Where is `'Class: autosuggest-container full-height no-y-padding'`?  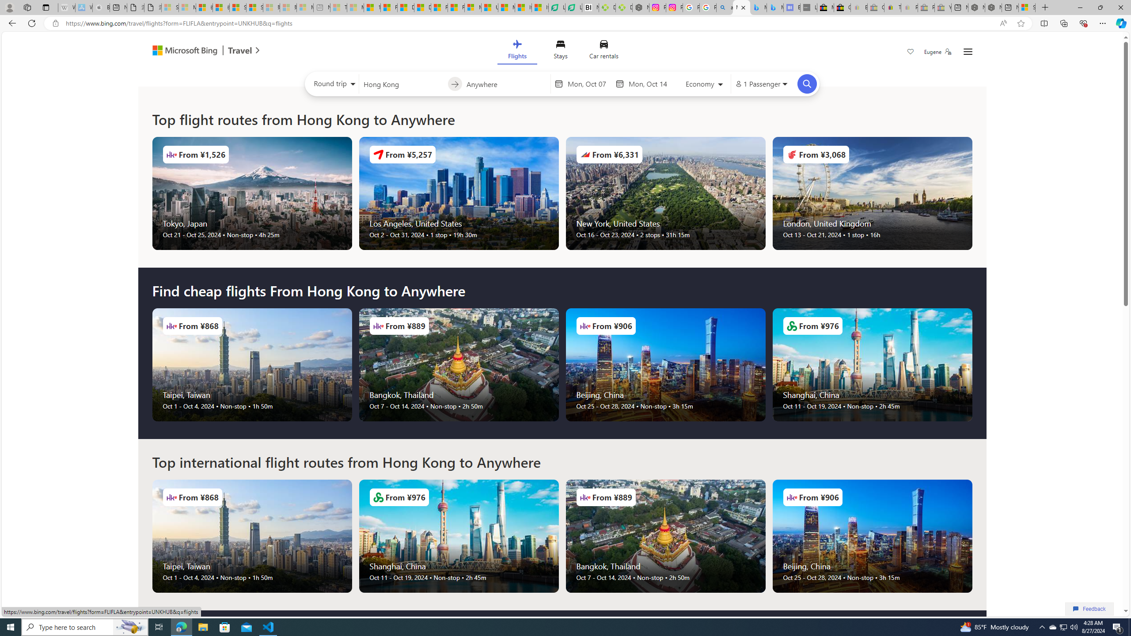 'Class: autosuggest-container full-height no-y-padding' is located at coordinates (506, 83).